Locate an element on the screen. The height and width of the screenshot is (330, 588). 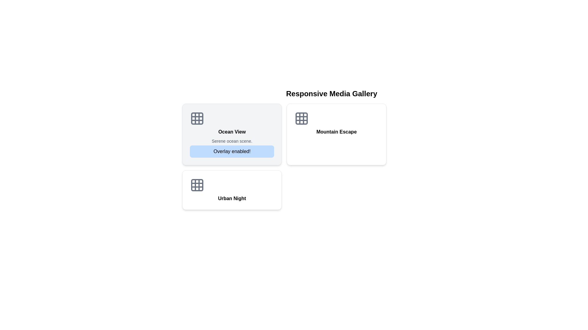
the 'Ocean View' card, which has a light gray background and a blue button-like label 'Overlay enabled!' at the bottom is located at coordinates (232, 134).